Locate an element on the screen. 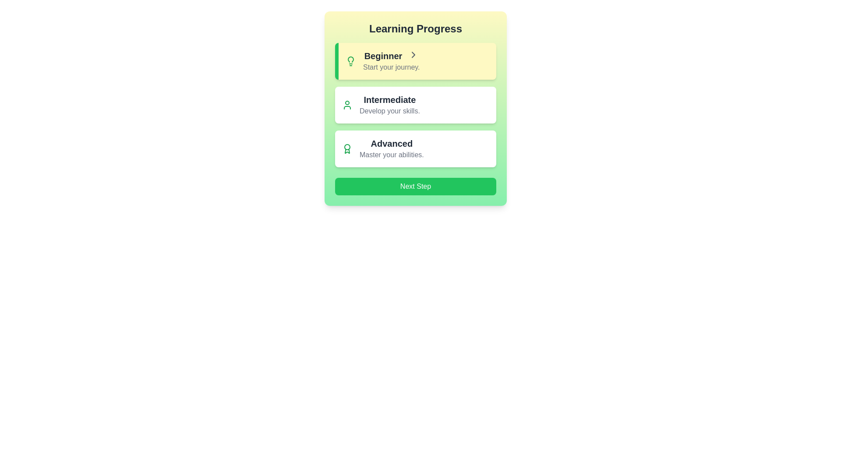 The image size is (841, 473). the 'Next Step' button, which has a green background and white text, to observe its hover-specific visual effects is located at coordinates (415, 186).